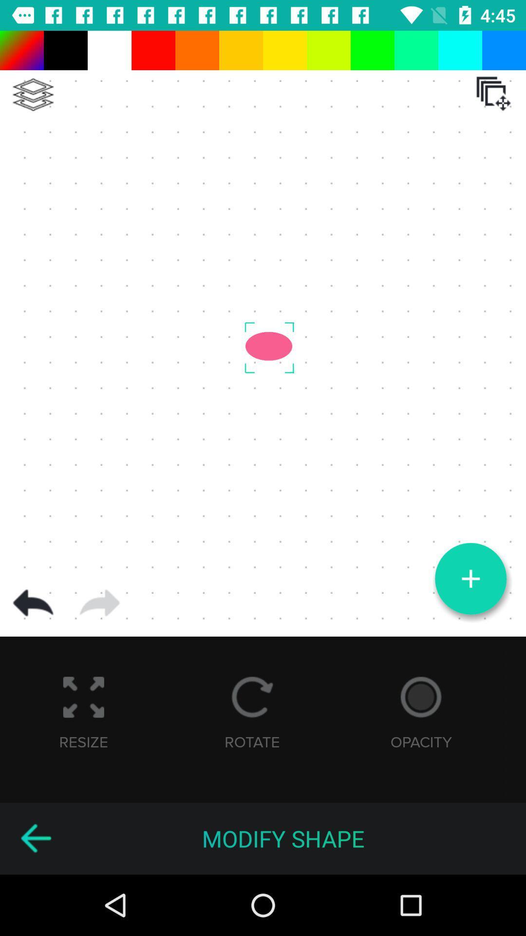  What do you see at coordinates (35, 838) in the screenshot?
I see `go back` at bounding box center [35, 838].